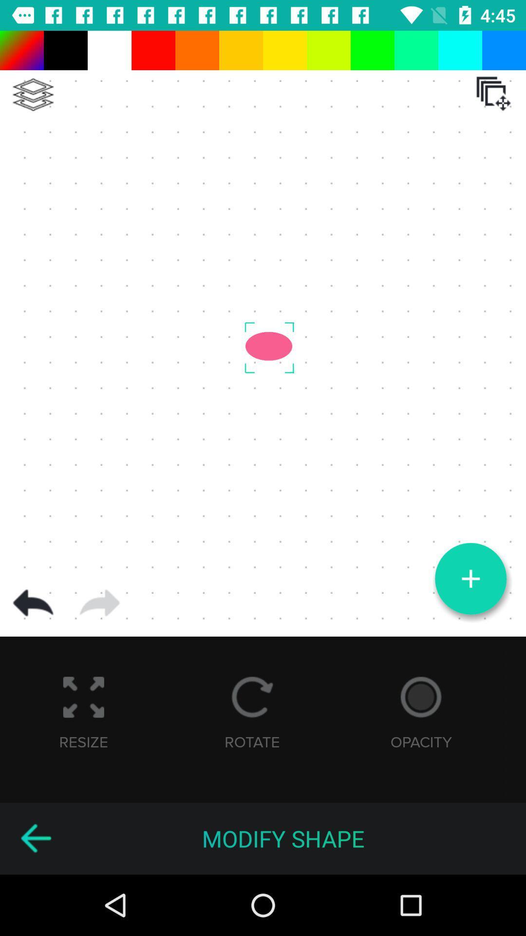  What do you see at coordinates (35, 838) in the screenshot?
I see `go back` at bounding box center [35, 838].